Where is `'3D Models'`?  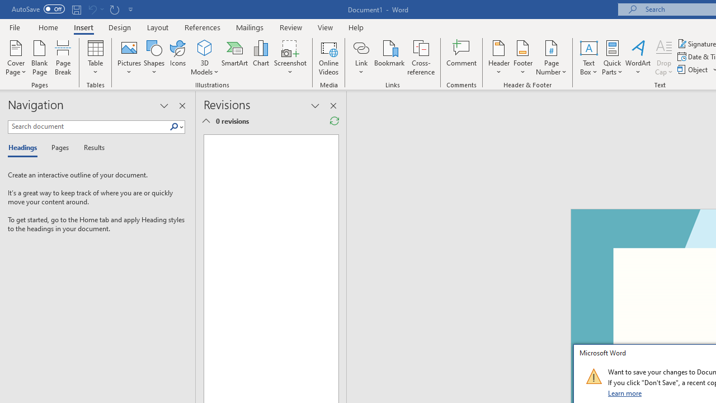
'3D Models' is located at coordinates (205, 47).